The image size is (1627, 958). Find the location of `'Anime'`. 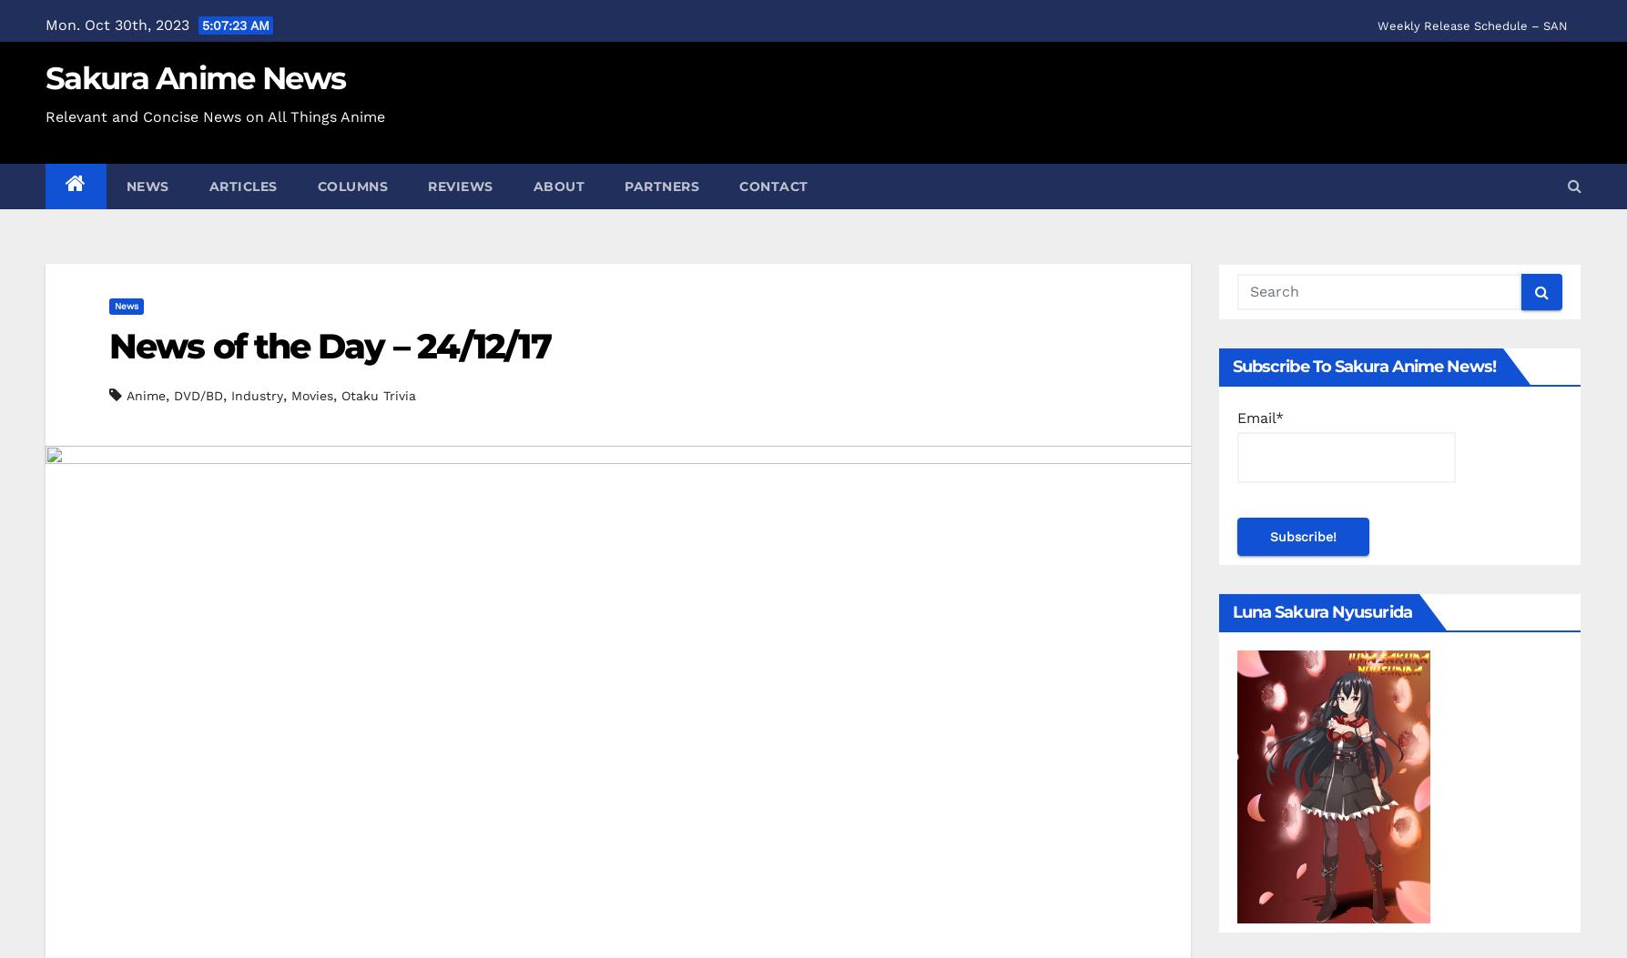

'Anime' is located at coordinates (127, 394).